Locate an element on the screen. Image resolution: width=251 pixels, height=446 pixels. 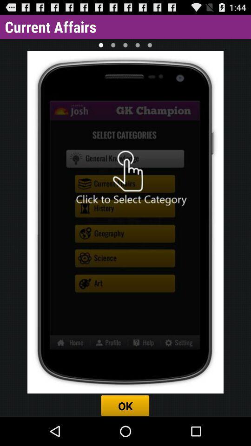
the national_flag icon is located at coordinates (100, 48).